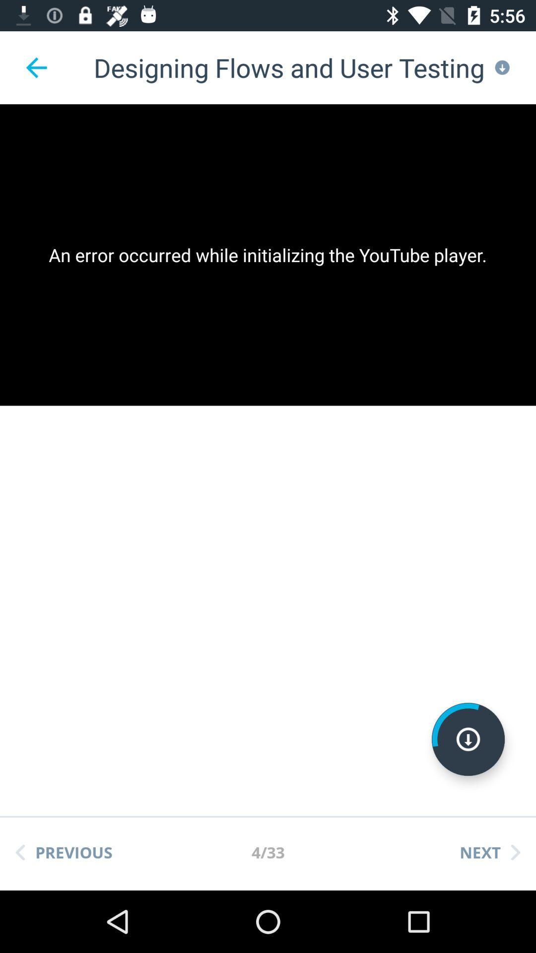 The width and height of the screenshot is (536, 953). Describe the element at coordinates (36, 67) in the screenshot. I see `item to the left of designing flows and` at that location.